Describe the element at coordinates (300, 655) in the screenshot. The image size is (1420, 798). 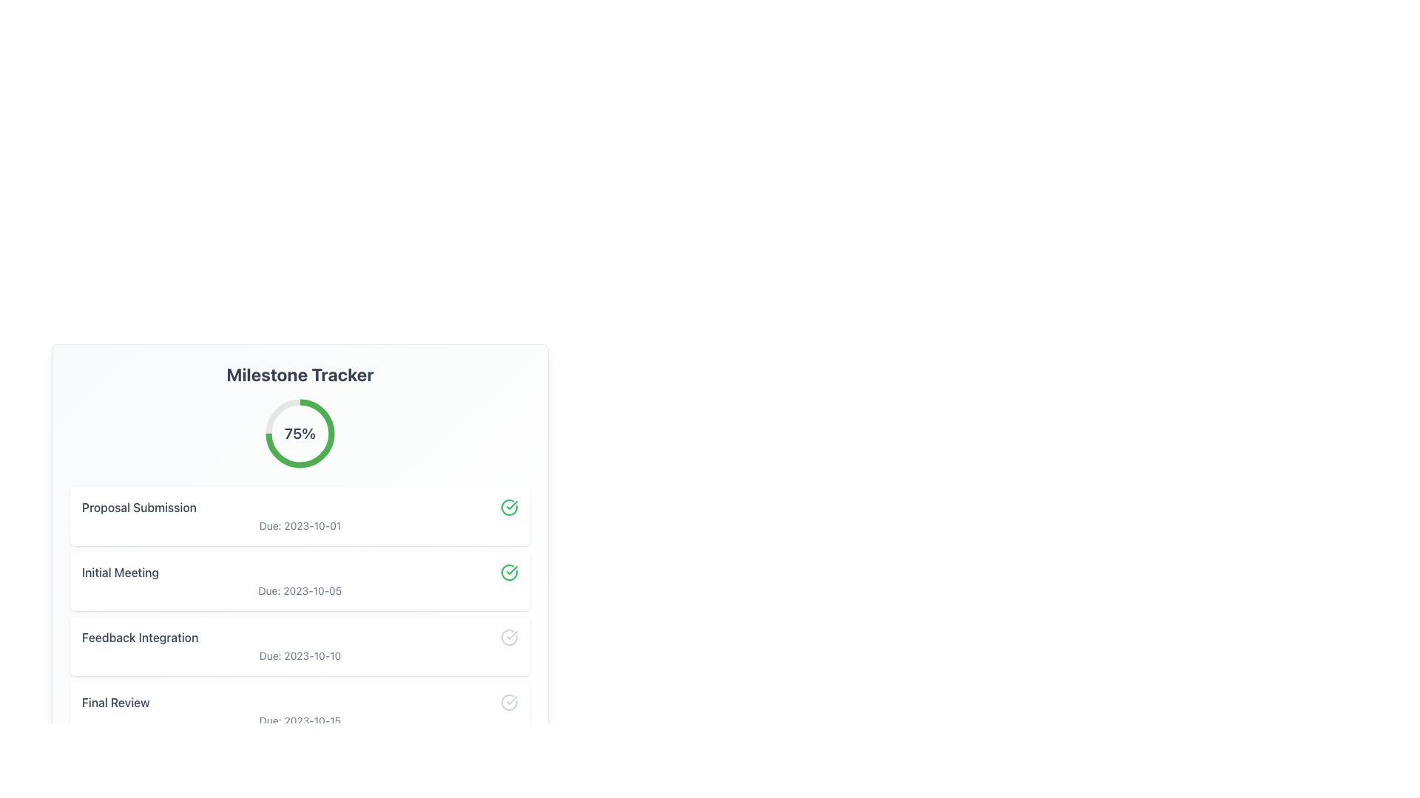
I see `the text label displaying 'Due: 2023-10-10', located at the bottom right corner of the 'Feedback Integration' block` at that location.